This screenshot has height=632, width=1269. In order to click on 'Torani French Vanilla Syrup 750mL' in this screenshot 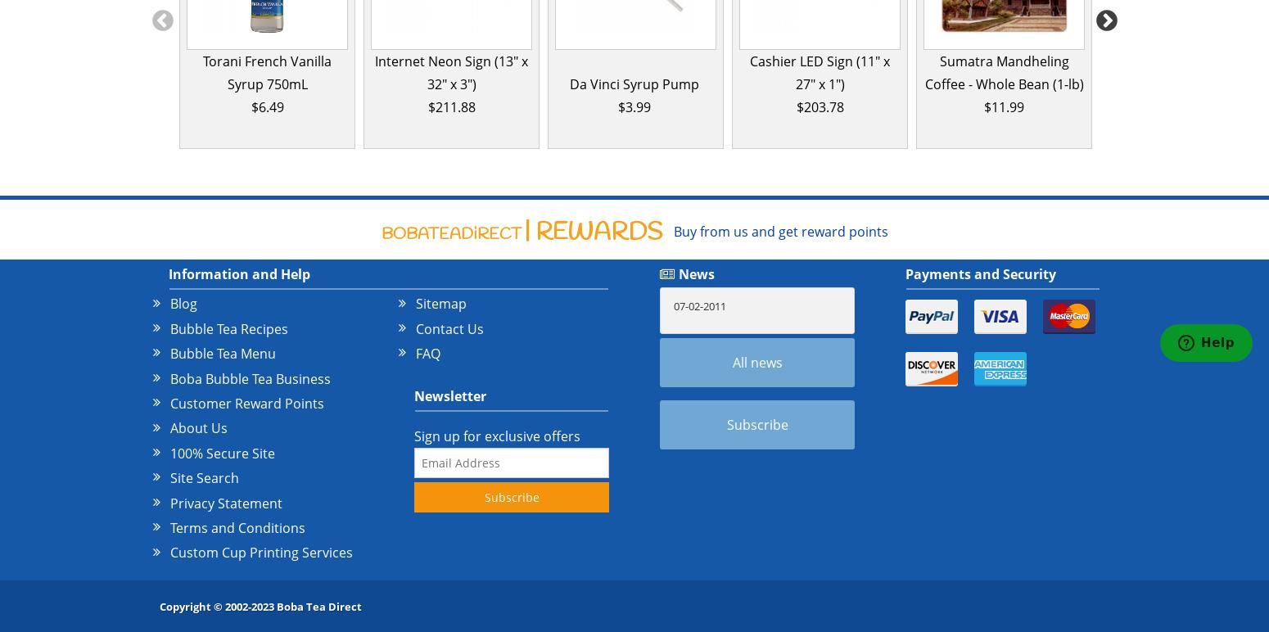, I will do `click(266, 72)`.